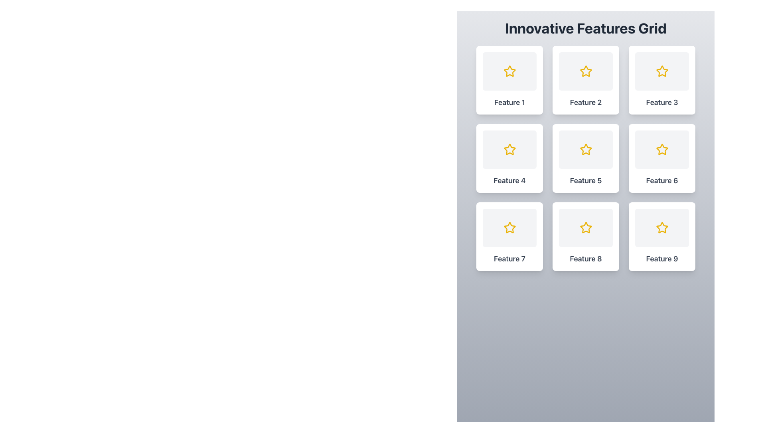 This screenshot has width=766, height=431. Describe the element at coordinates (586, 158) in the screenshot. I see `the 'Feature 5' card located in the middle of the grid` at that location.